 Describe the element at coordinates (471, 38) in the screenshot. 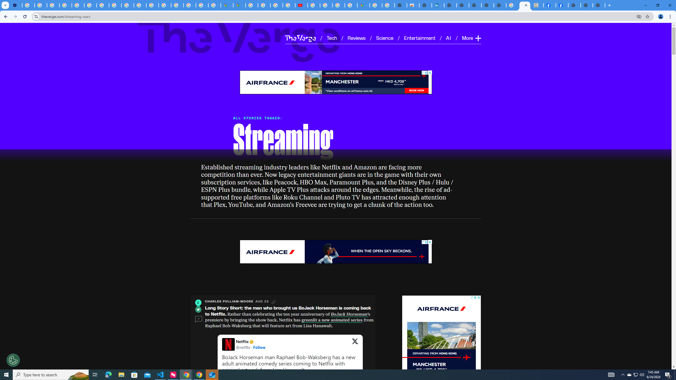

I see `'More Expand'` at that location.